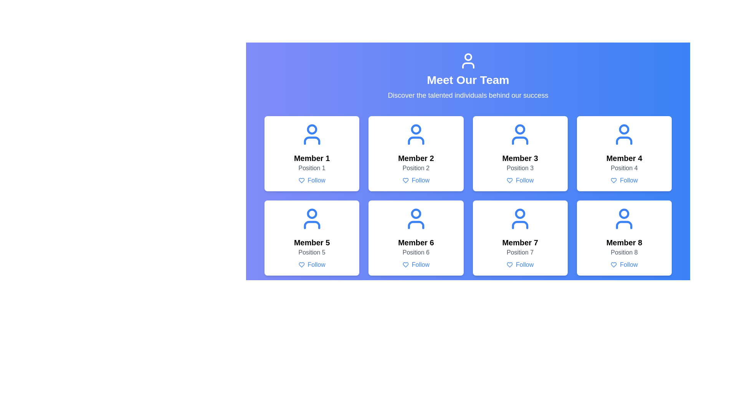  I want to click on the 'Follow' label located in the card for Member 4, positioned beneath the profile image and the text 'Position 4', so click(629, 180).